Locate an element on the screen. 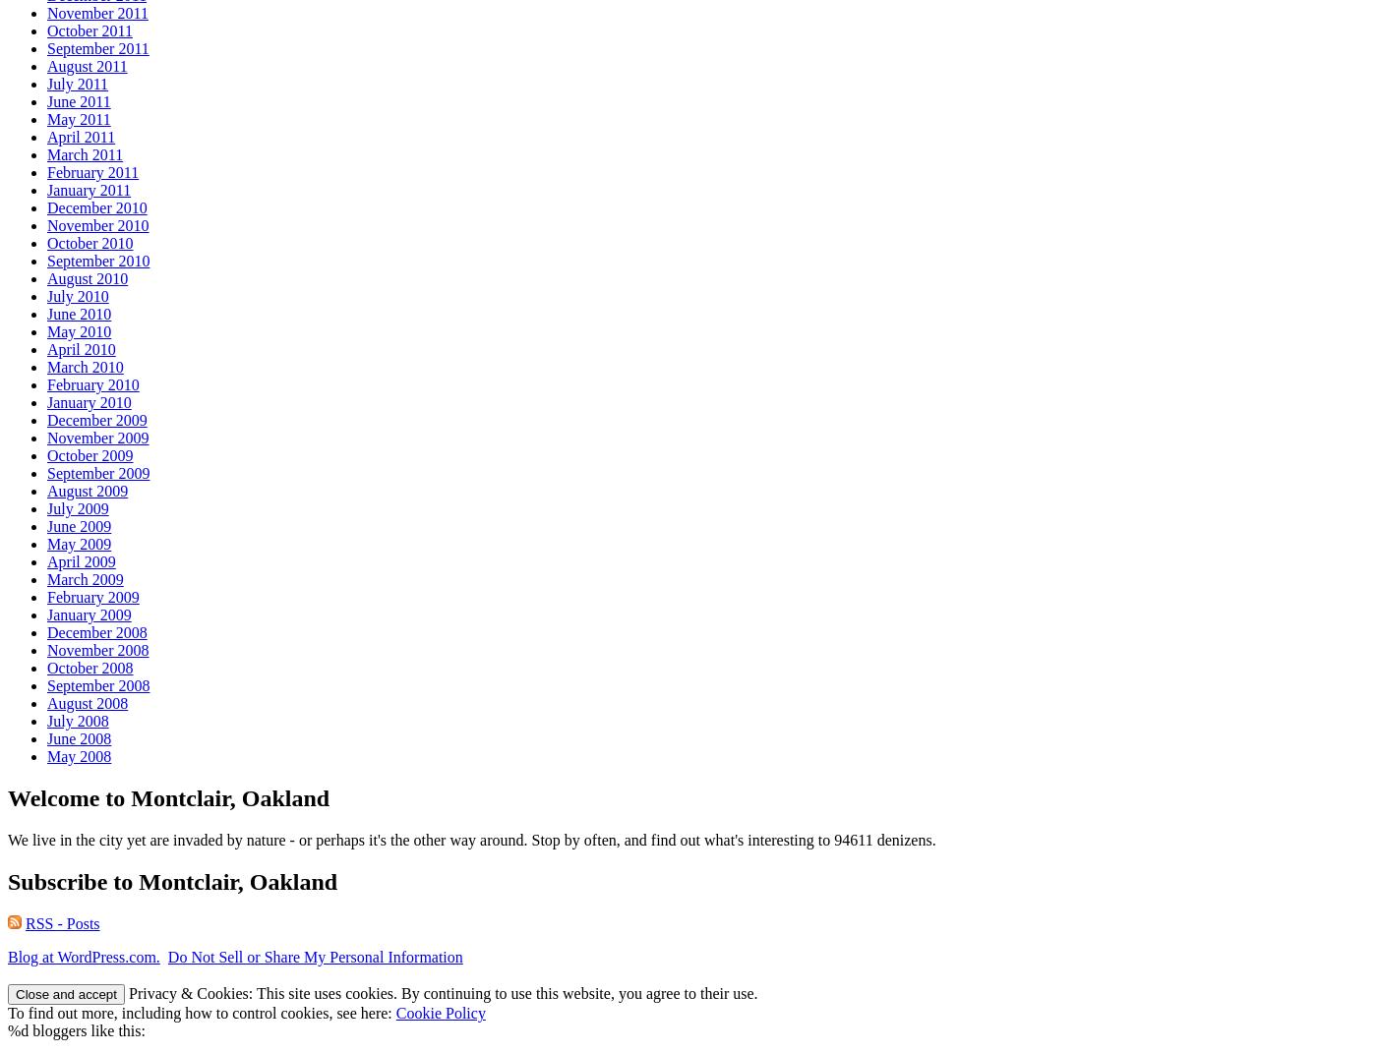  'May 2009' is located at coordinates (47, 544).